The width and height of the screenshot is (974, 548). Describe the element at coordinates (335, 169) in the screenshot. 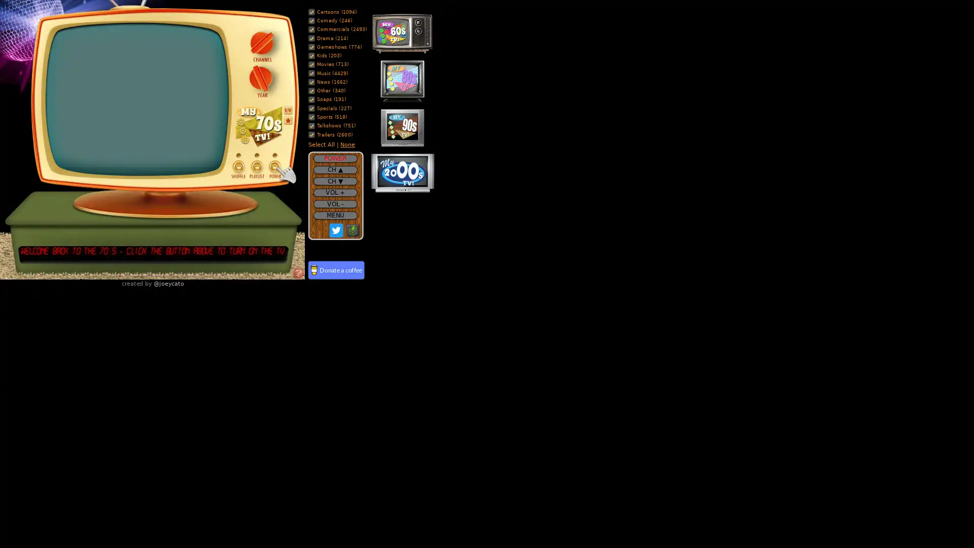

I see `CH` at that location.